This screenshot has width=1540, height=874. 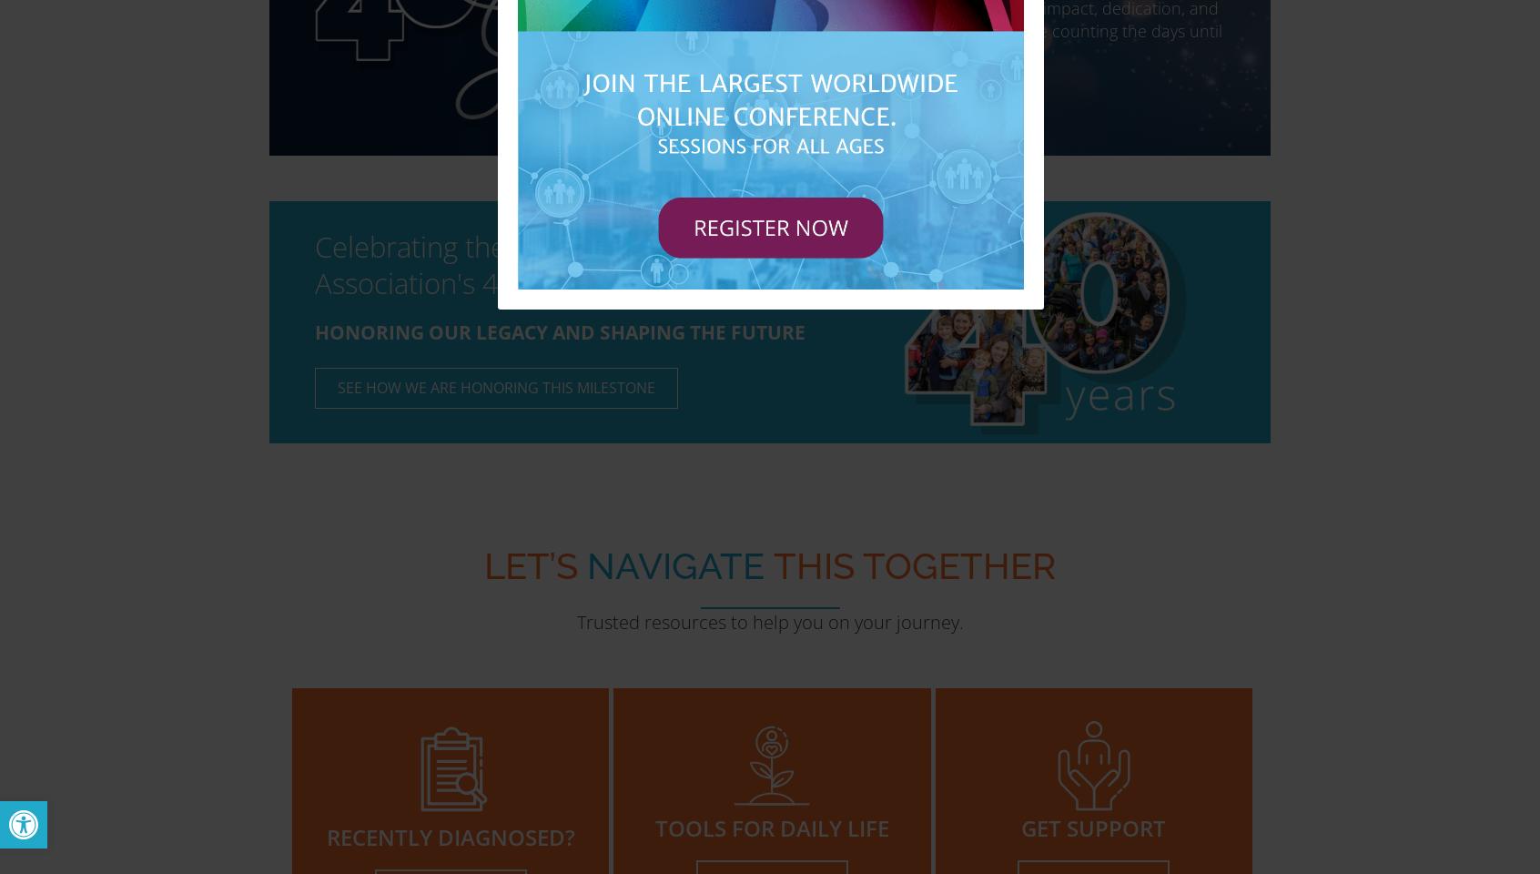 I want to click on 'Navigate', so click(x=674, y=564).